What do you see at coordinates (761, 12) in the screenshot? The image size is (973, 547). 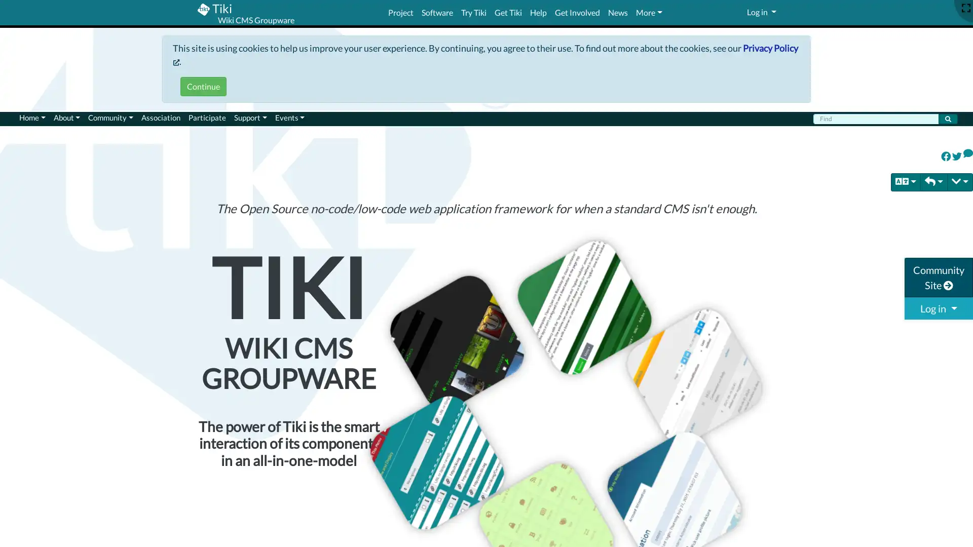 I see `Log in` at bounding box center [761, 12].